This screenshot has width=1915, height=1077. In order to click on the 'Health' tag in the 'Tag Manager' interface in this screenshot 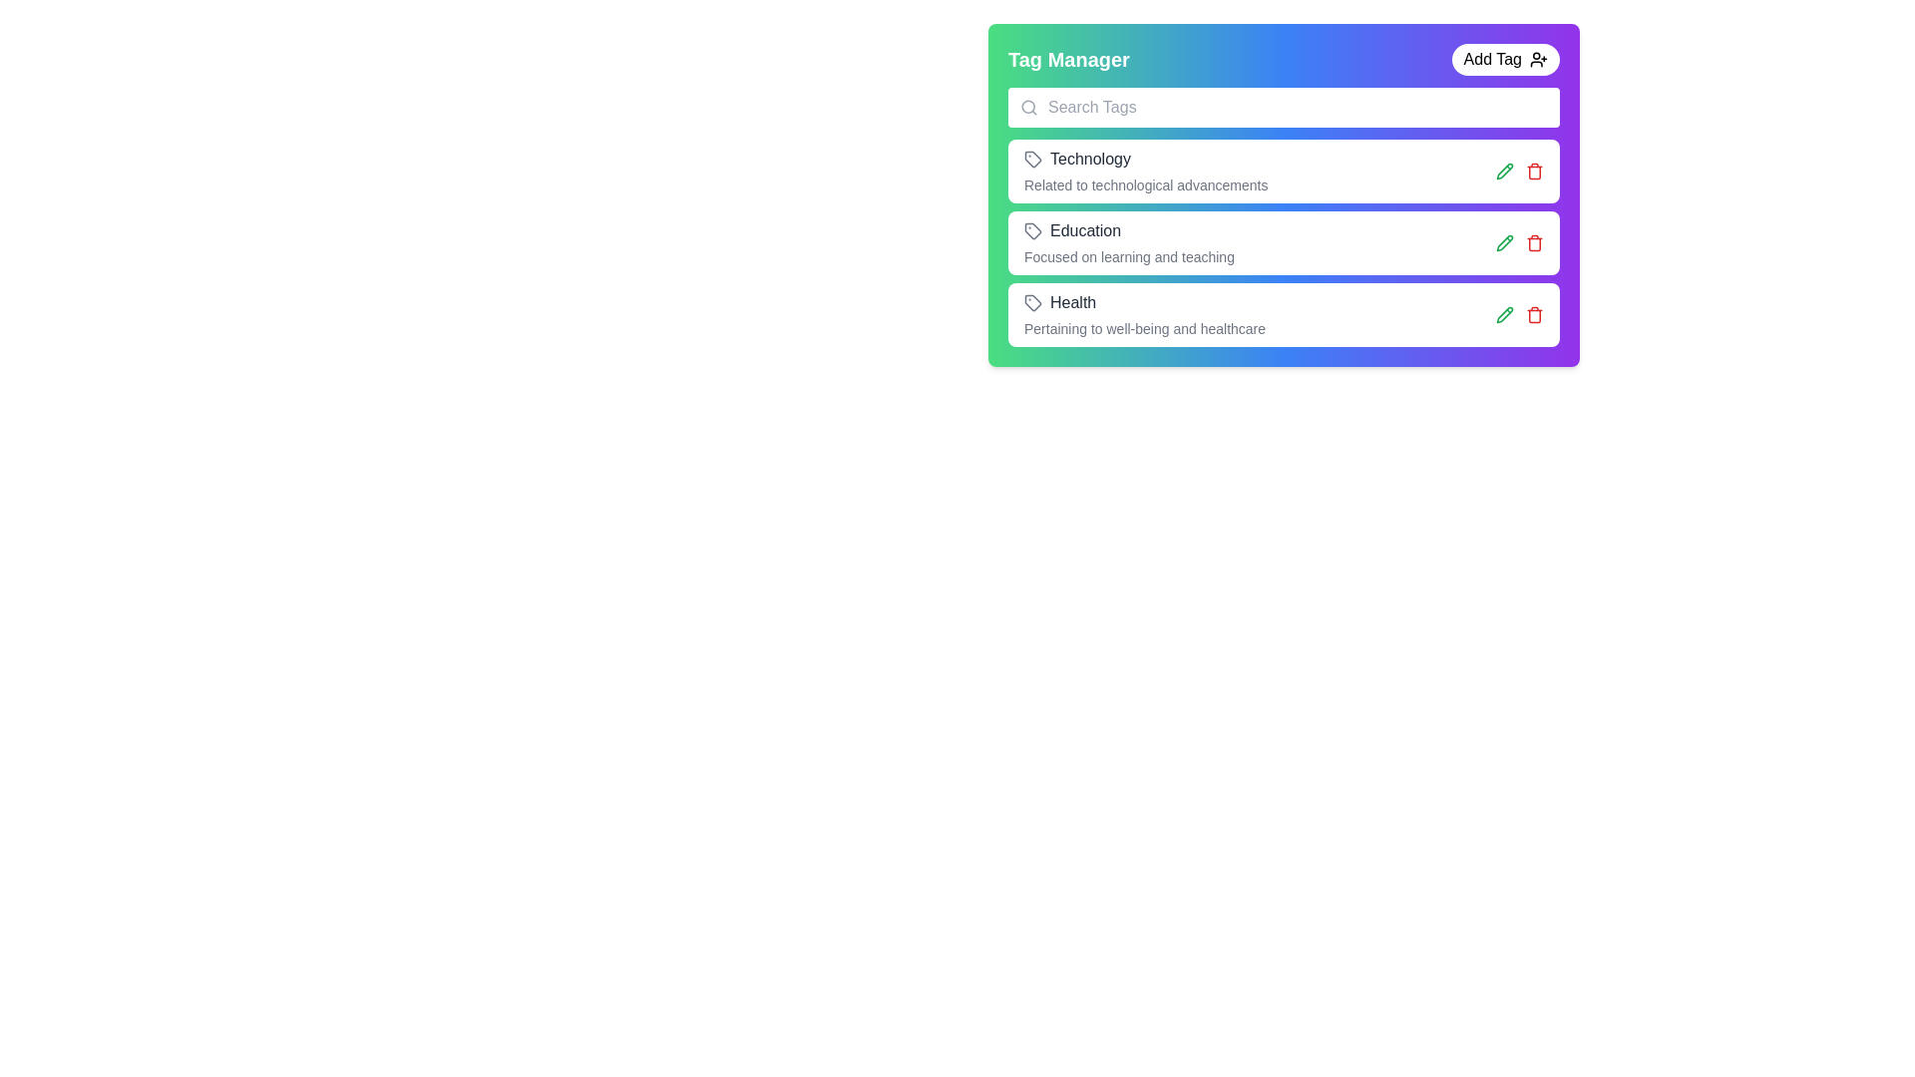, I will do `click(1144, 303)`.